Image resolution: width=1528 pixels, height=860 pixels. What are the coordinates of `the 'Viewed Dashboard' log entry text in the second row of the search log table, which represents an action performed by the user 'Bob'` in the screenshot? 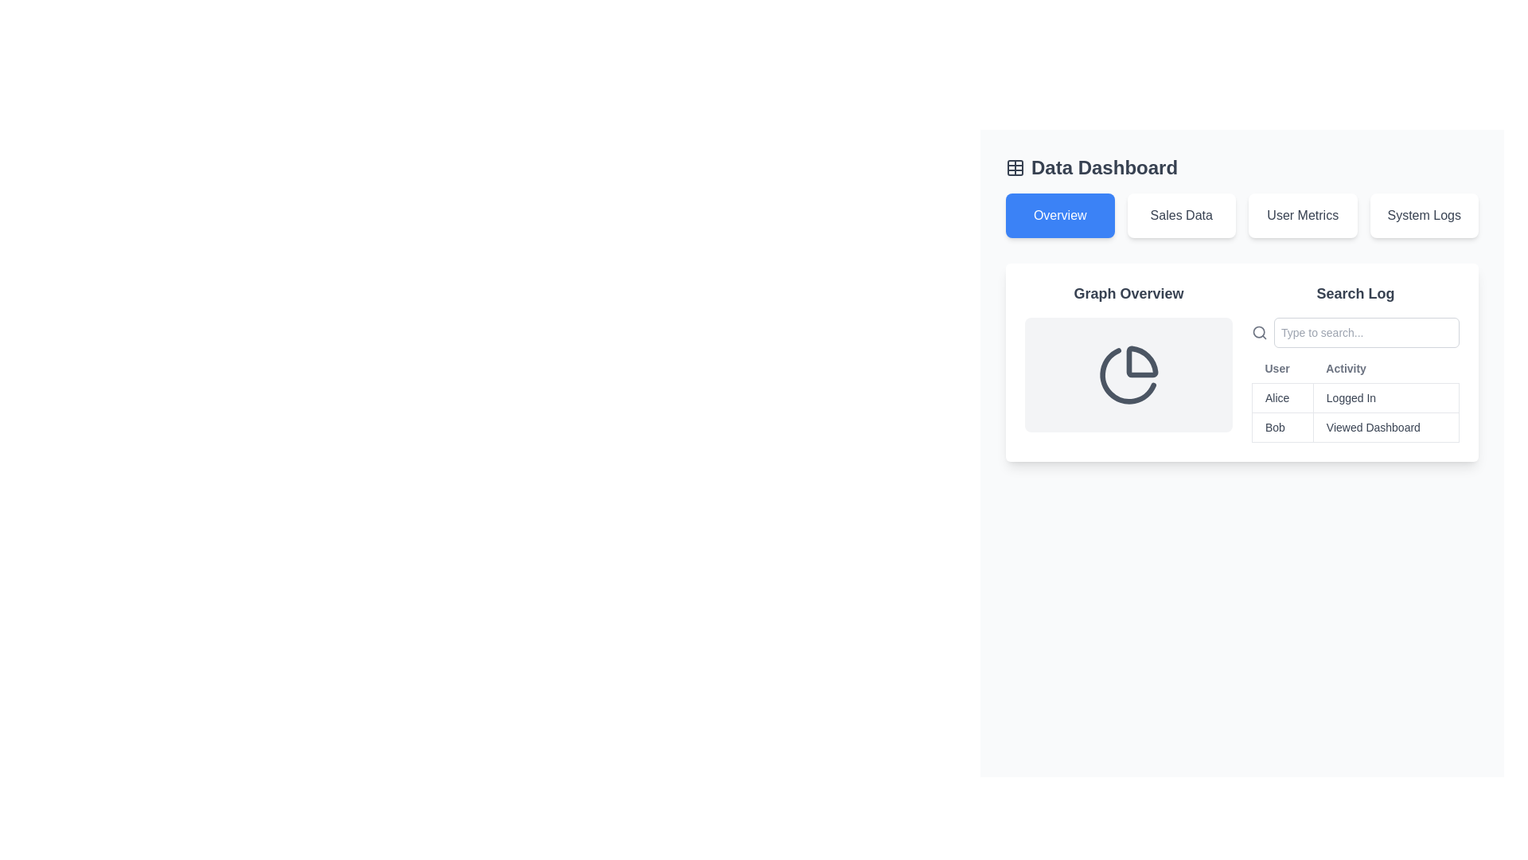 It's located at (1355, 426).